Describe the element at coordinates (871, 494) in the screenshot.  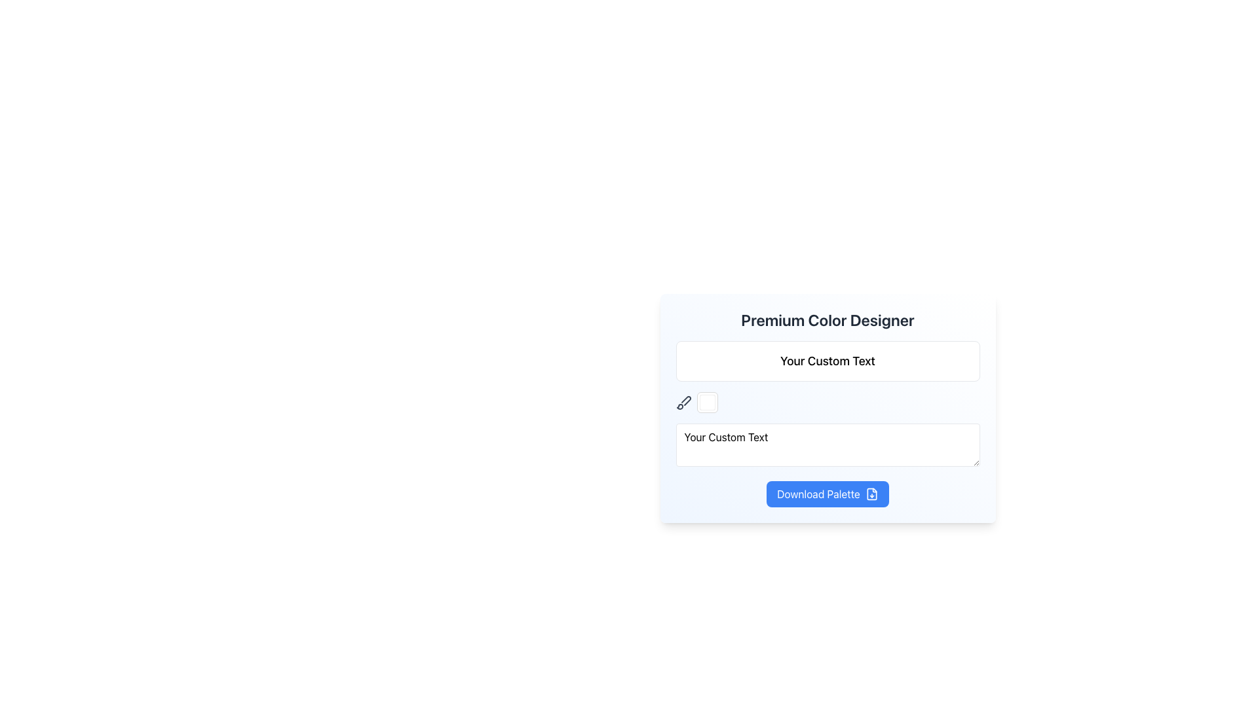
I see `the download icon located at the right end of the 'Download Palette' button on the interface card` at that location.